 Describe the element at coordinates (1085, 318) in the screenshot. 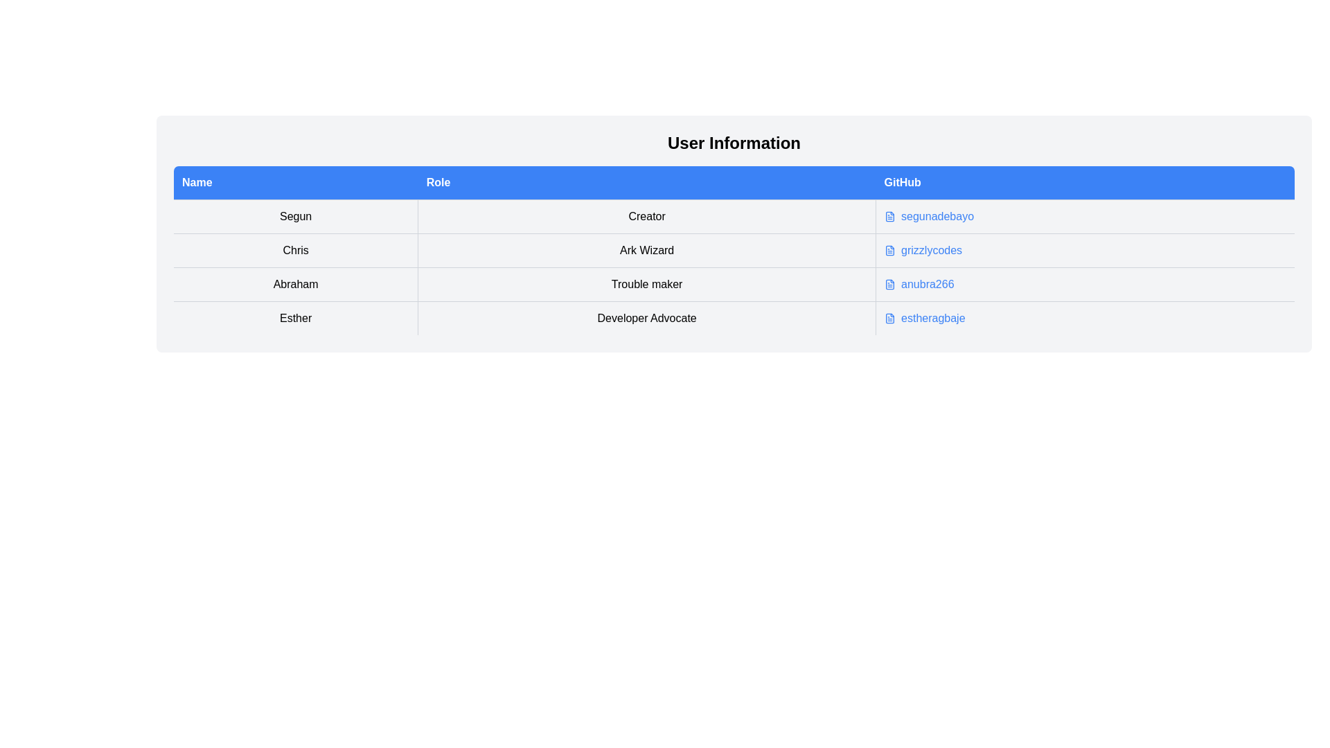

I see `interactive link labeled 'estheragbaje' with a file icon located in the fourth row under the 'GitHub' column` at that location.